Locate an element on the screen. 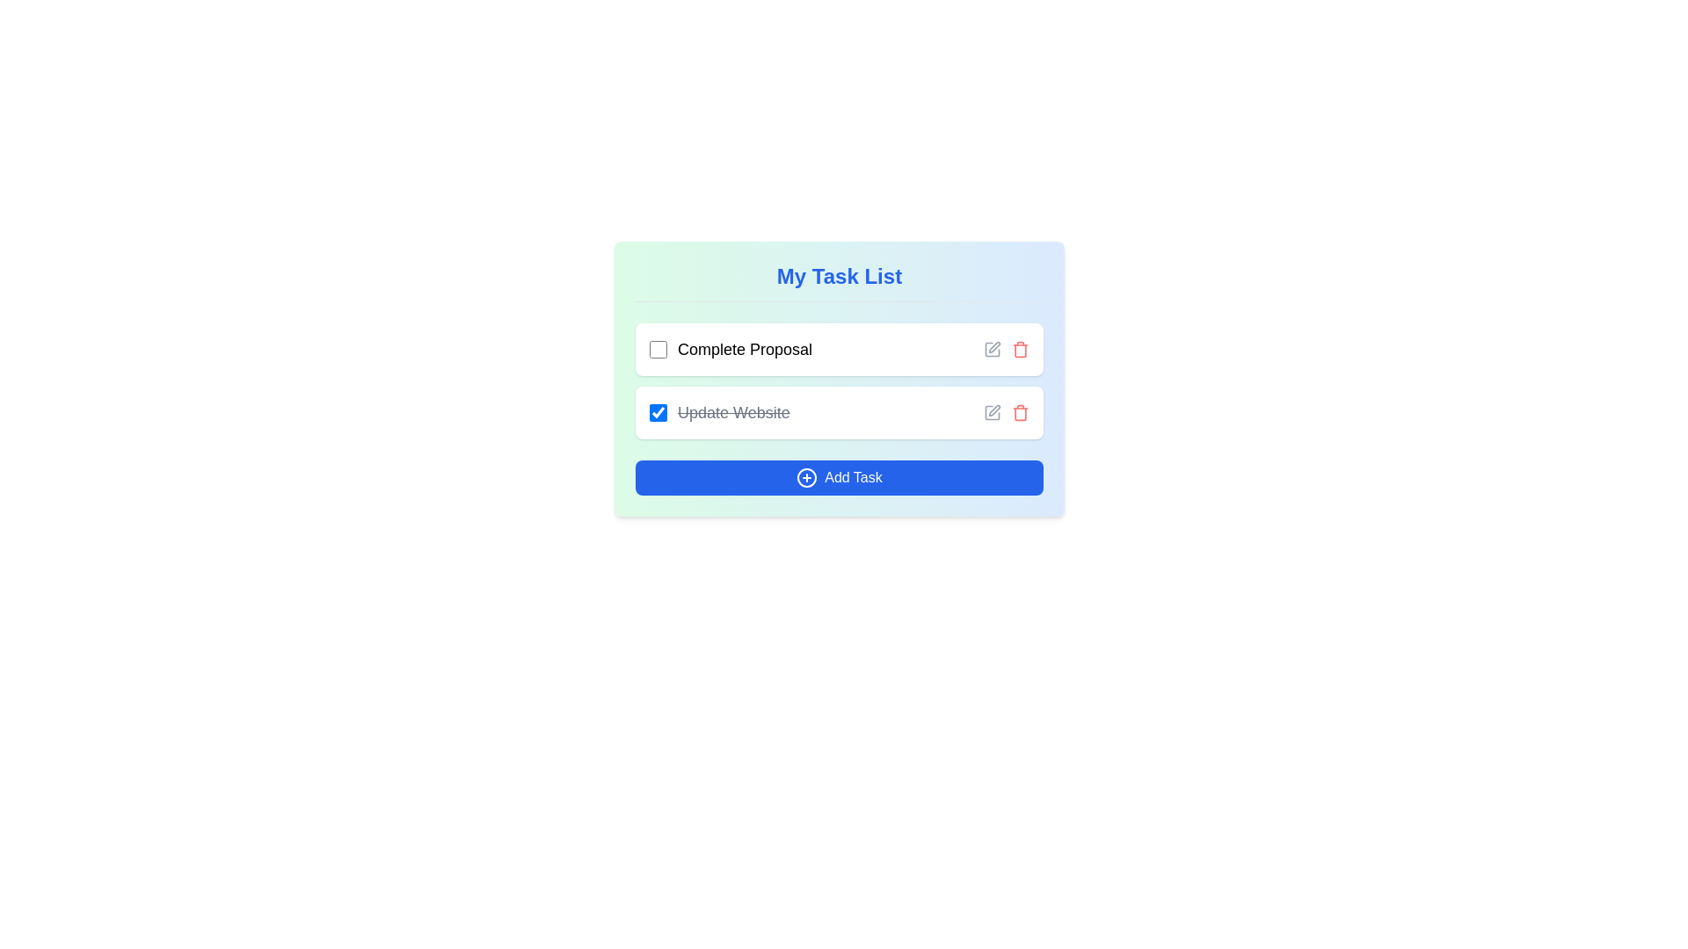  the blue checkbox with a white checkmark inside it, located to the left of the text 'Update Website' is located at coordinates (657, 413).